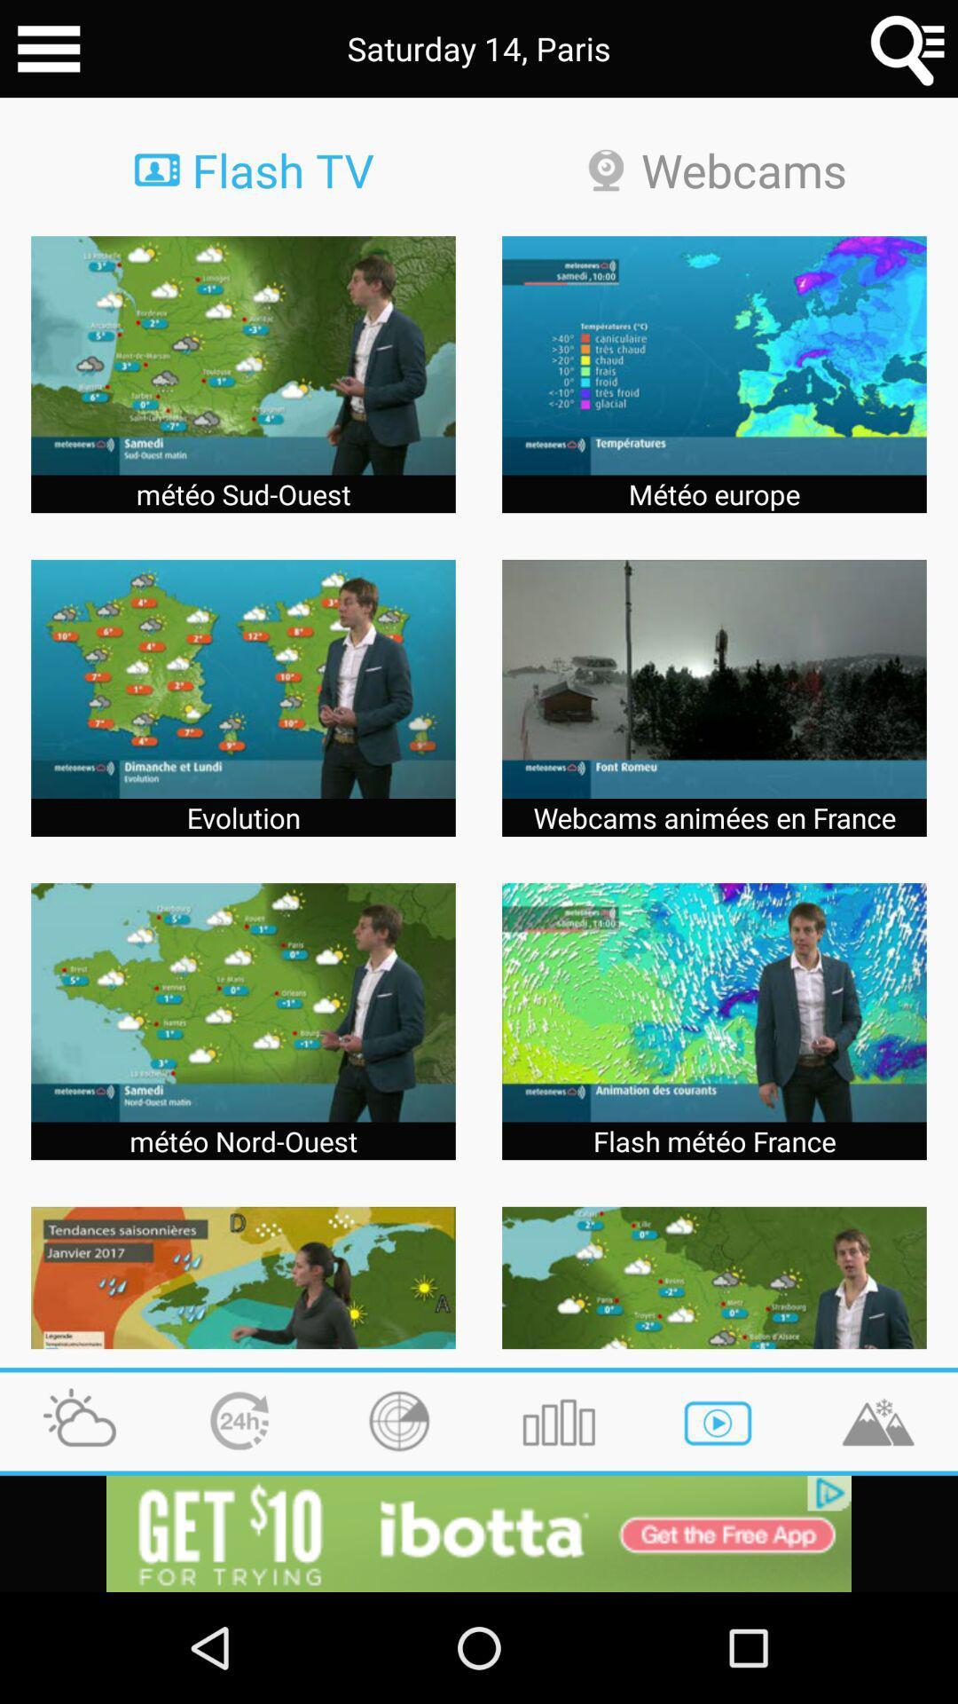  Describe the element at coordinates (239, 1422) in the screenshot. I see `the symbol which right to cloud symbol` at that location.